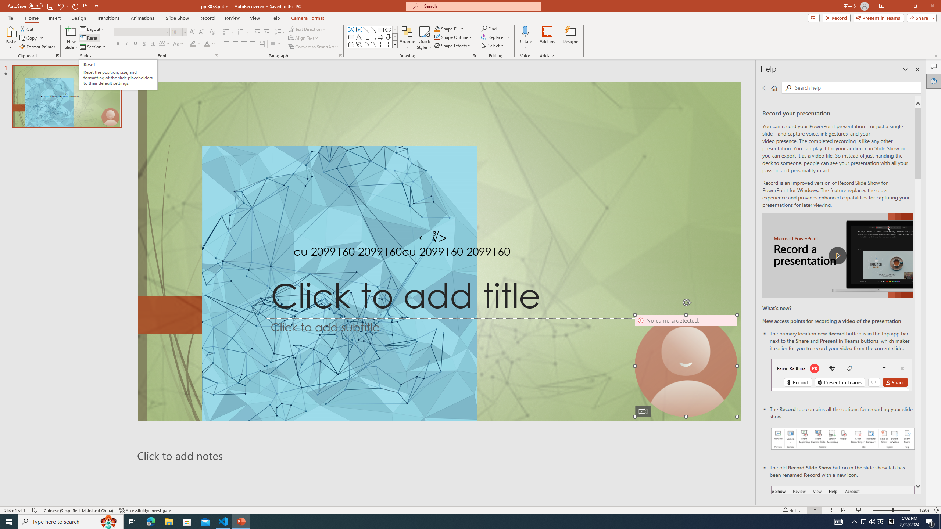 The height and width of the screenshot is (529, 941). I want to click on 'Reset', so click(89, 38).